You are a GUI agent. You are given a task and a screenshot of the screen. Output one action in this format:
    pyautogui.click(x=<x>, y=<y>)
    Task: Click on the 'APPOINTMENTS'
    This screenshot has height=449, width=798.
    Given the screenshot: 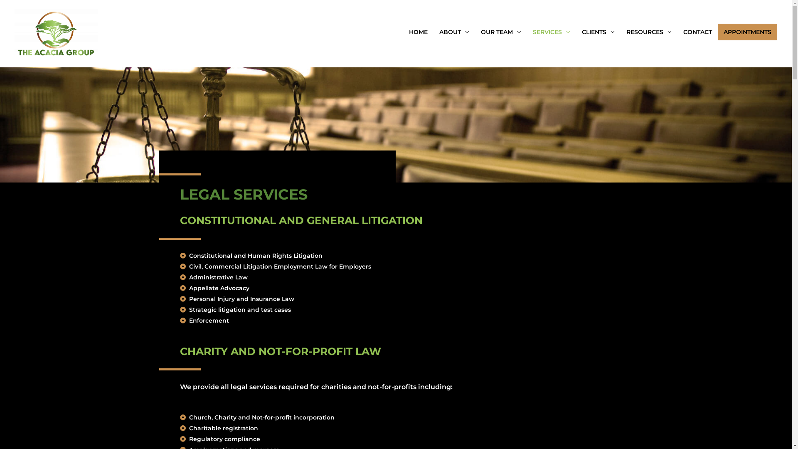 What is the action you would take?
    pyautogui.click(x=747, y=32)
    